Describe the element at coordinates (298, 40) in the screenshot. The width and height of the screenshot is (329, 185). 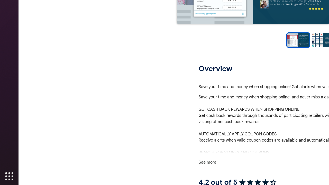
I see `'Preview slide 1'` at that location.